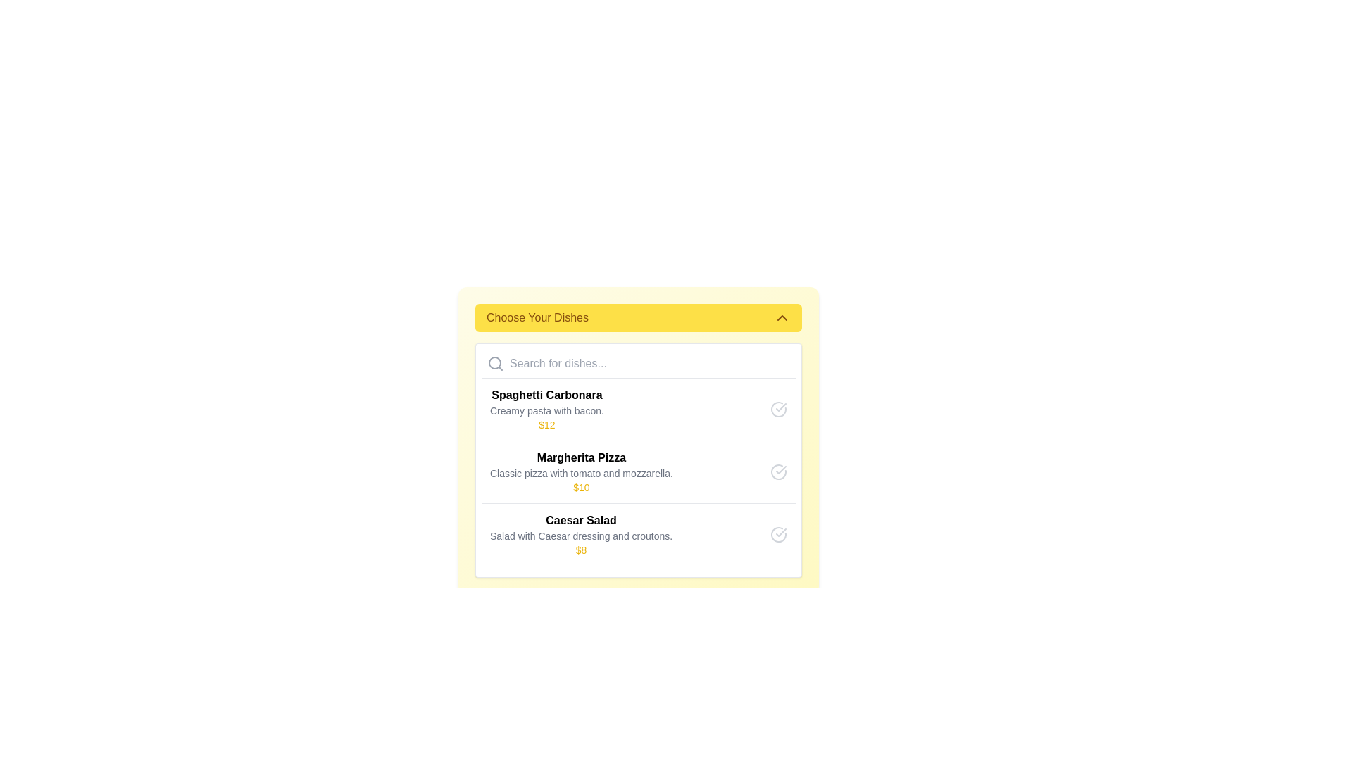 This screenshot has height=760, width=1352. I want to click on the price text label indicating the price of the Caesar Salad, located at the bottom-right corner of its section, so click(581, 550).